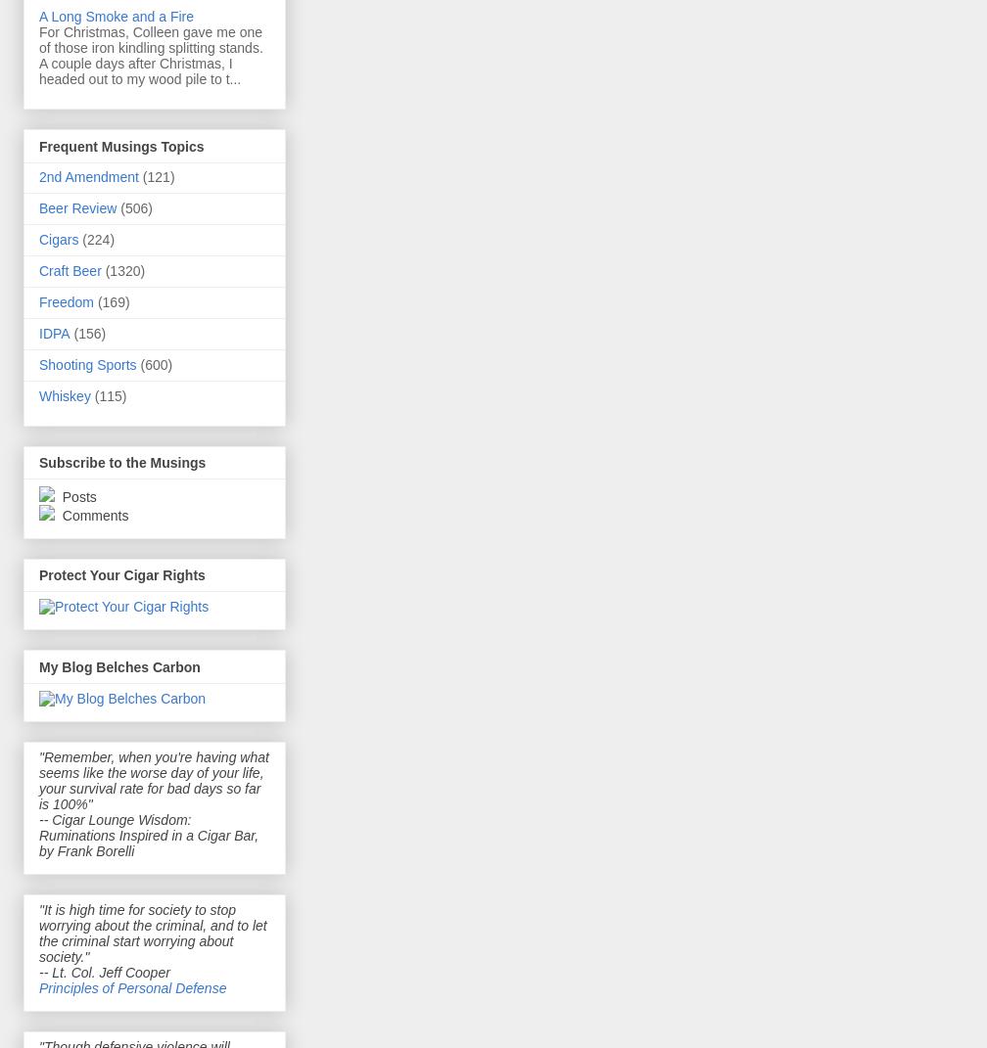 Image resolution: width=987 pixels, height=1048 pixels. Describe the element at coordinates (151, 54) in the screenshot. I see `'For Christmas, Colleen gave me one of those iron kindling splitting stands. A couple days after Christmas, I headed out to my wood pile to t...'` at that location.